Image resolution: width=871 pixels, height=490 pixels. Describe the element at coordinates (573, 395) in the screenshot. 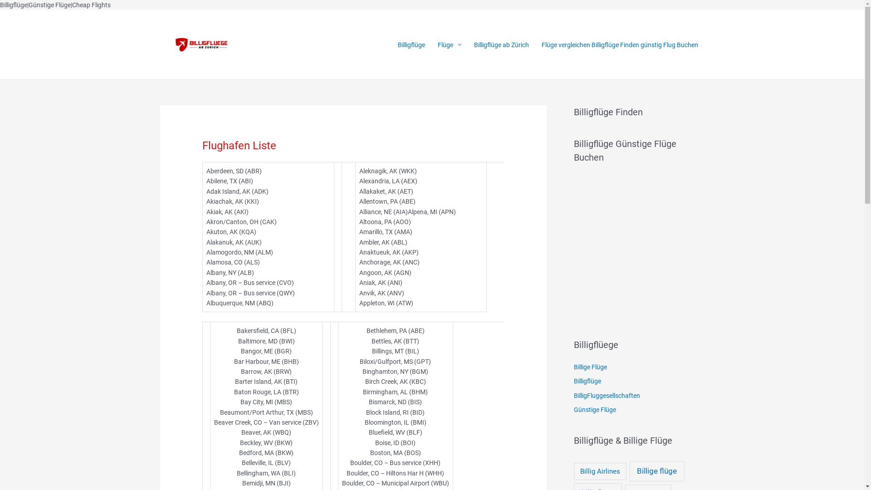

I see `'BilligFluggesellschaften'` at that location.